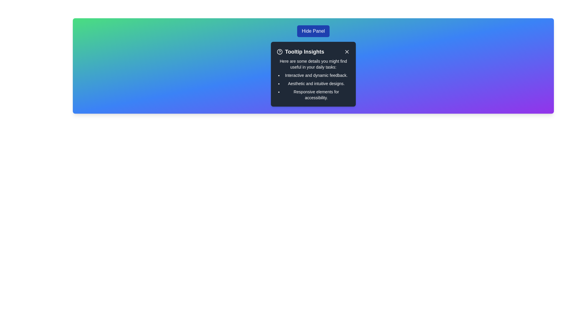 The image size is (566, 318). Describe the element at coordinates (300, 52) in the screenshot. I see `the bold textual label displaying 'Tooltip Insights' with a question mark icon preceding it, located at the top-left of its card section` at that location.